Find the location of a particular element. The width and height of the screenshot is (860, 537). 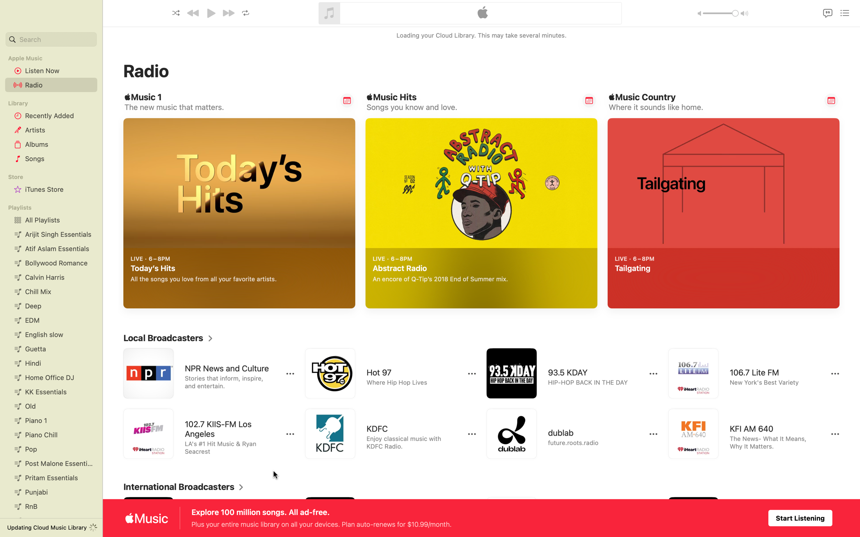

Listen to Dublab is located at coordinates (566, 434).